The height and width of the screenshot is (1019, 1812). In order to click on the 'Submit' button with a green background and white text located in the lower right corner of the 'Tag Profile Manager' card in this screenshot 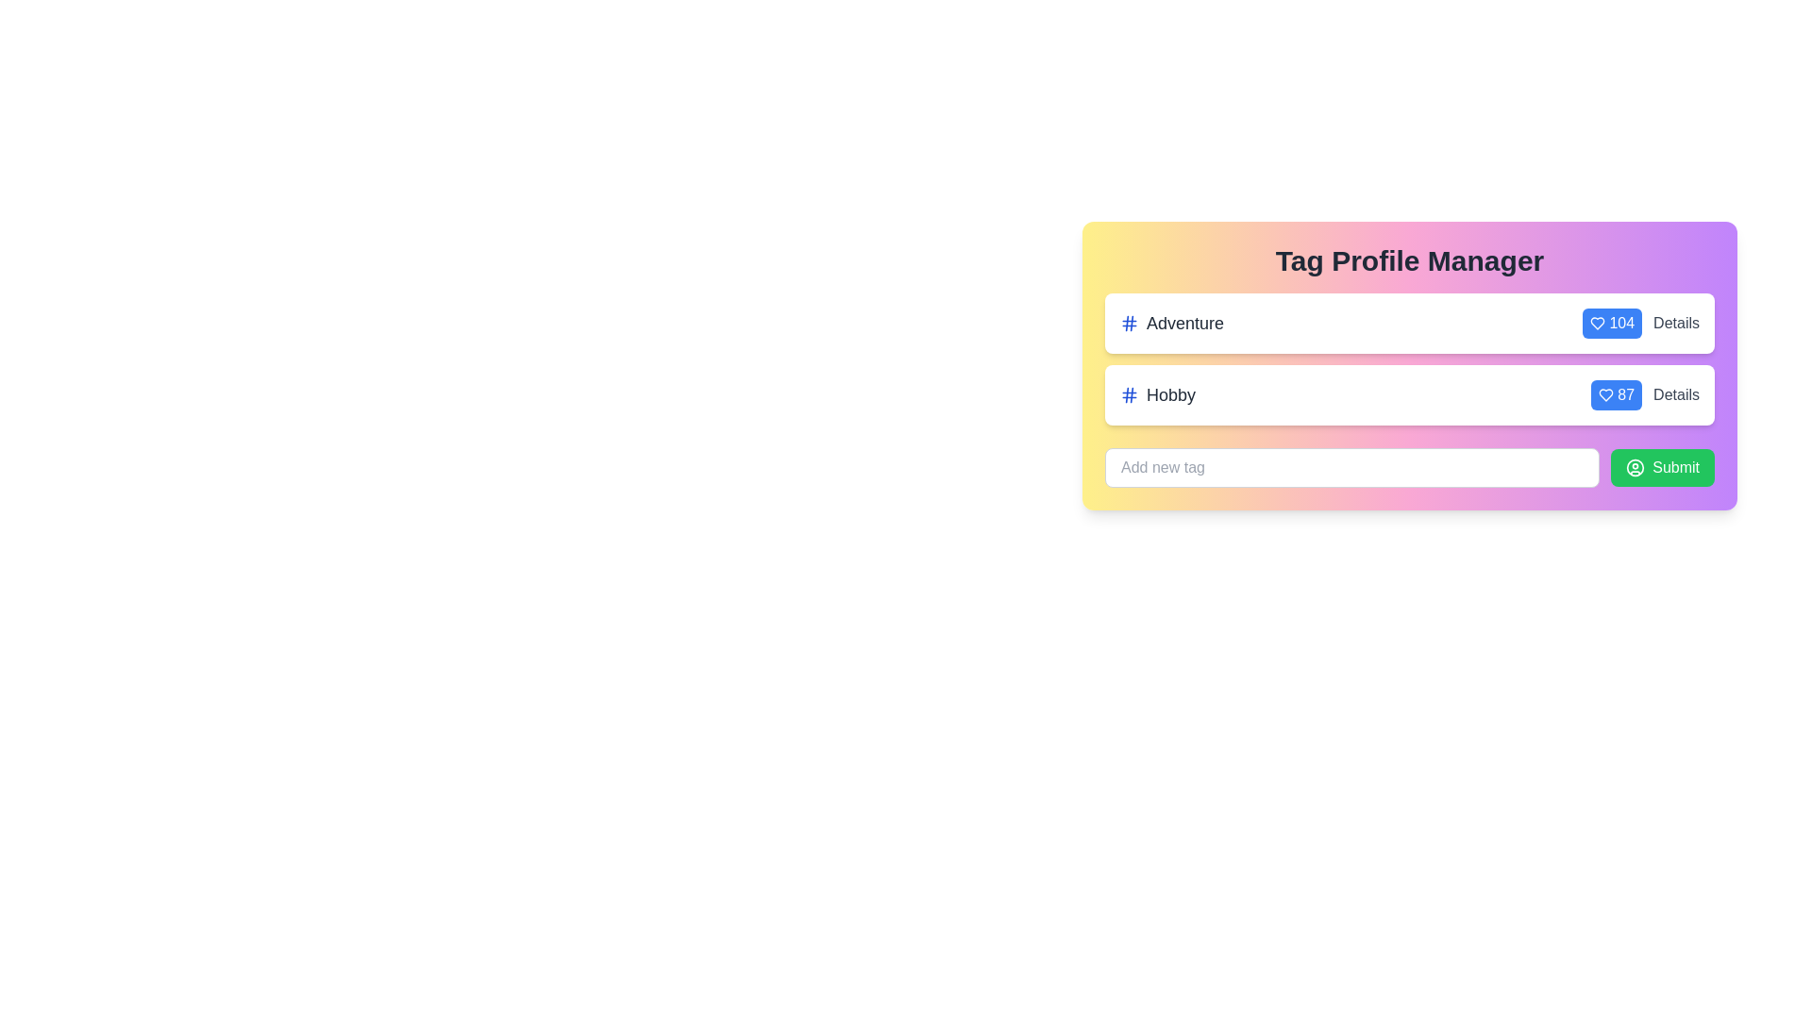, I will do `click(1663, 467)`.